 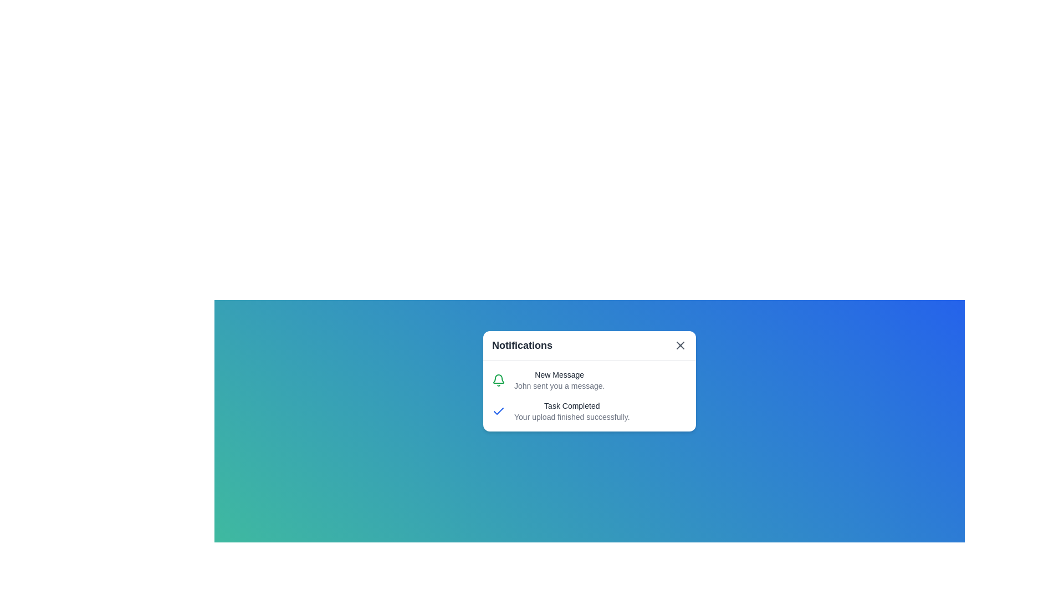 I want to click on the static text indicating successful completion of an upload task, located directly below 'Task Completed' in the notification card, so click(x=572, y=417).